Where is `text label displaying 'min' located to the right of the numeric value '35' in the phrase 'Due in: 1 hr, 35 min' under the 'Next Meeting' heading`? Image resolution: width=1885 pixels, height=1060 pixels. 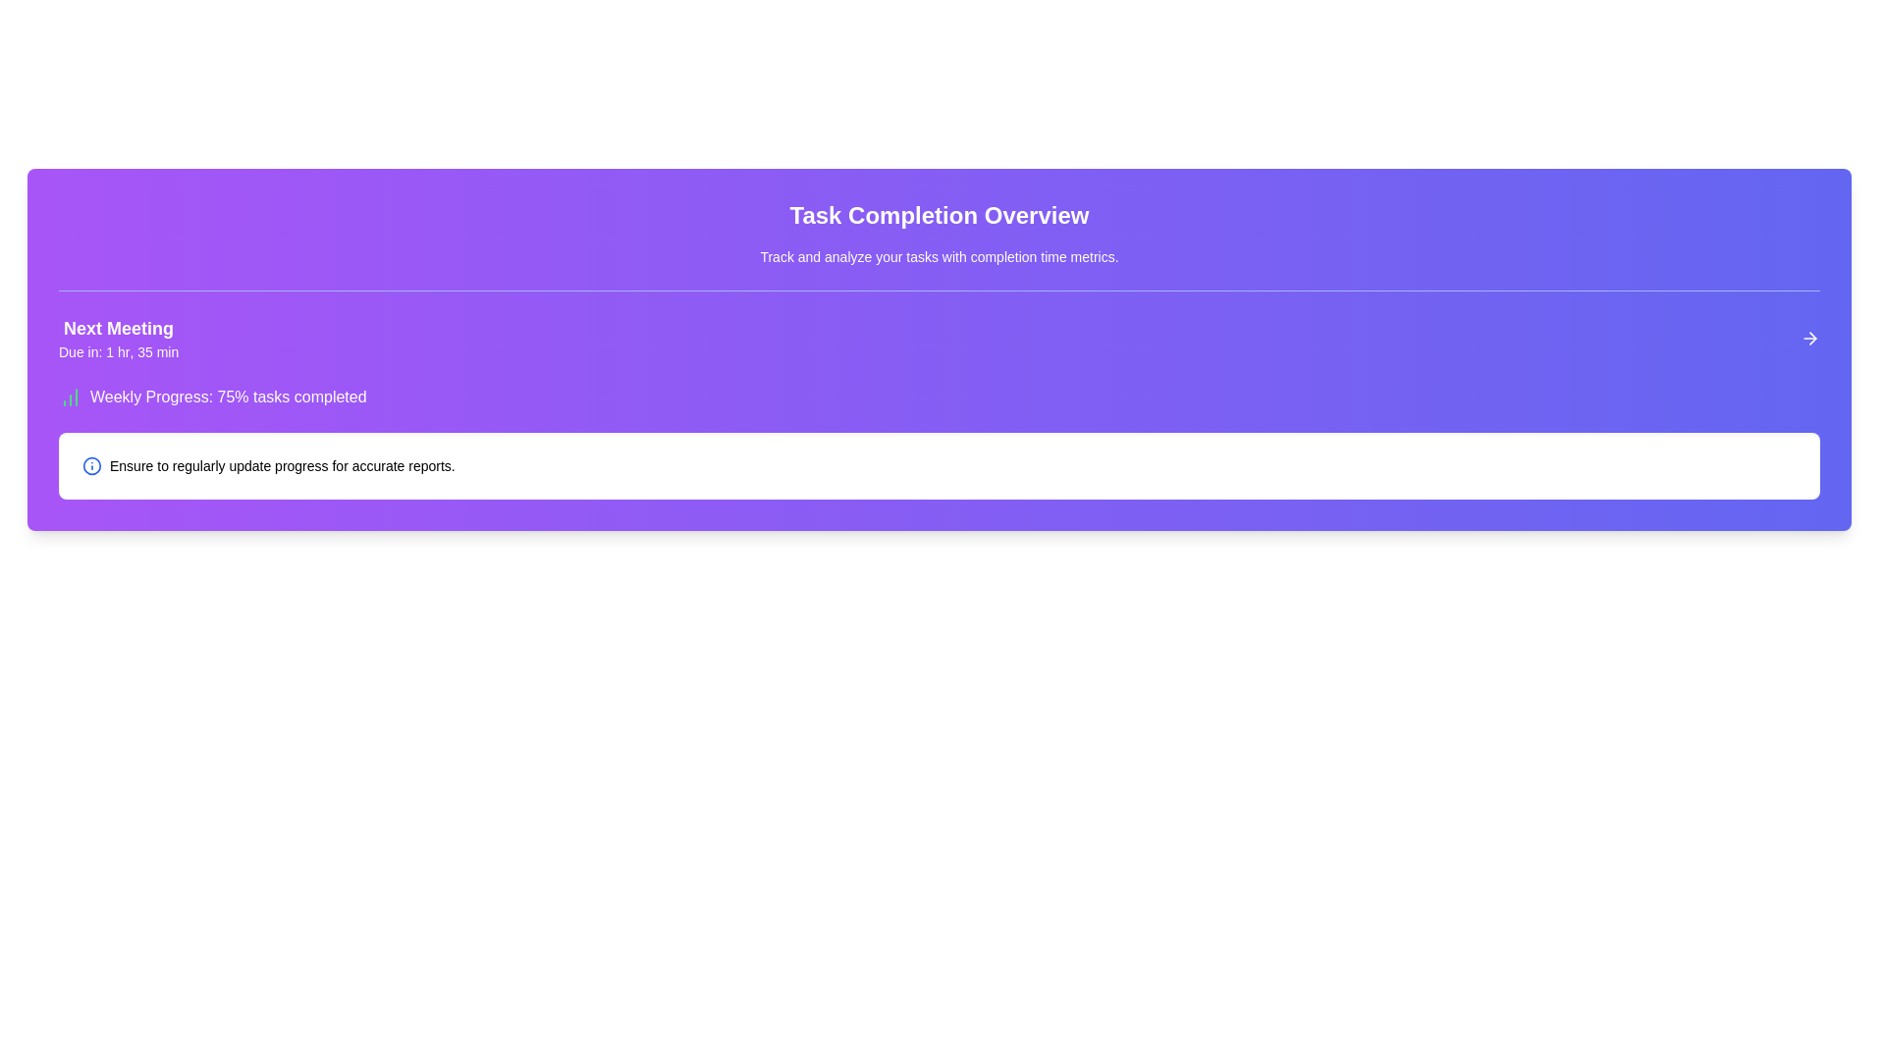
text label displaying 'min' located to the right of the numeric value '35' in the phrase 'Due in: 1 hr, 35 min' under the 'Next Meeting' heading is located at coordinates (167, 350).